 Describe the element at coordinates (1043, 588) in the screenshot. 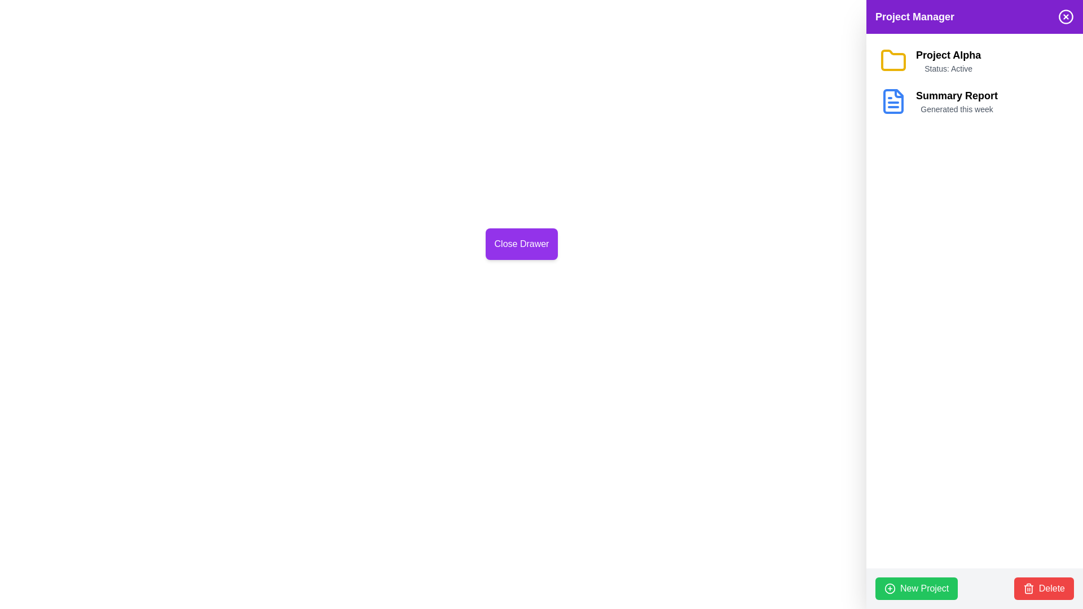

I see `the 'Delete' button with a bright red background and trash can icon` at that location.